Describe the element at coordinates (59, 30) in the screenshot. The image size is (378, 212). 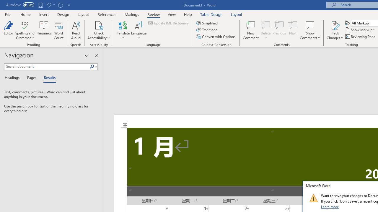
I see `'Word Count'` at that location.